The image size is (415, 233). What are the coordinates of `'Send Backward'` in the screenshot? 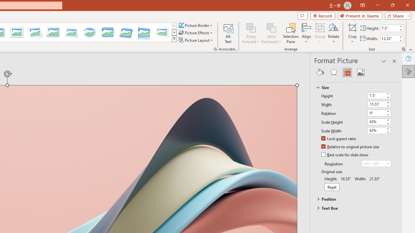 It's located at (271, 33).